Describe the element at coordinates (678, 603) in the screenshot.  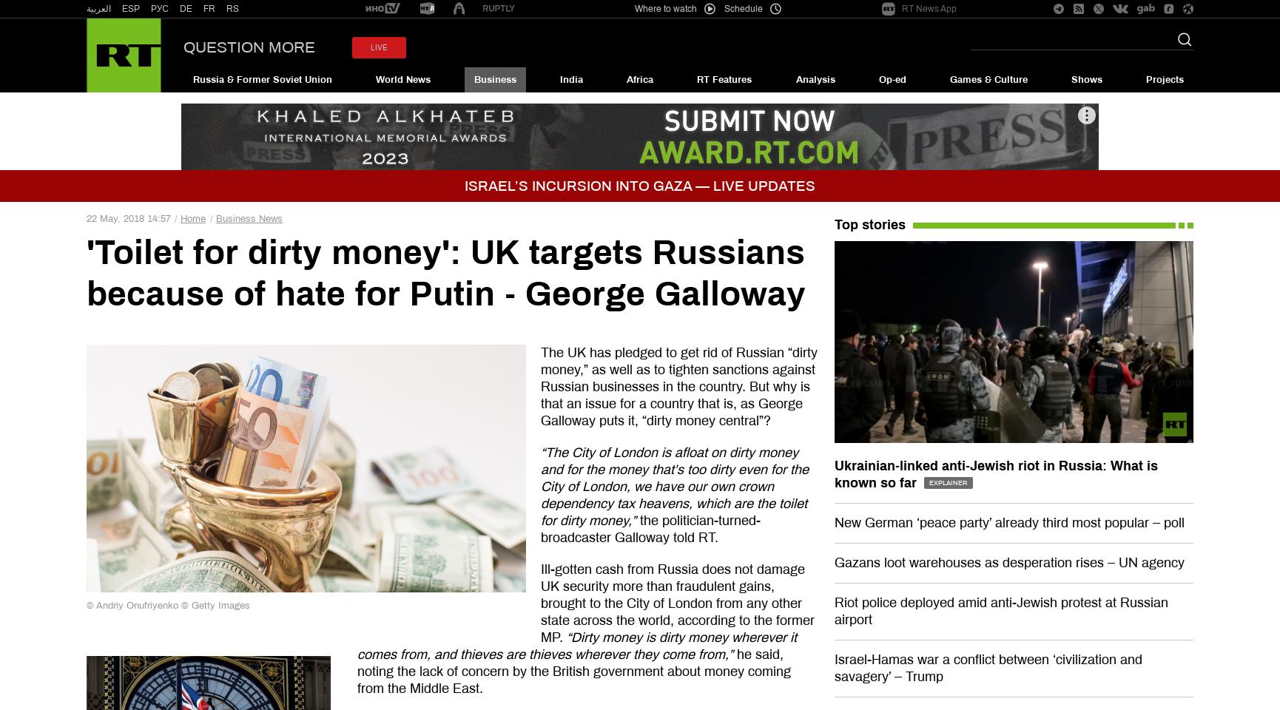
I see `'Ill-gotten cash from Russia does not damage UK security more than fraudulent gains, brought to the City of London from any other state across the world, according to the former MP.'` at that location.